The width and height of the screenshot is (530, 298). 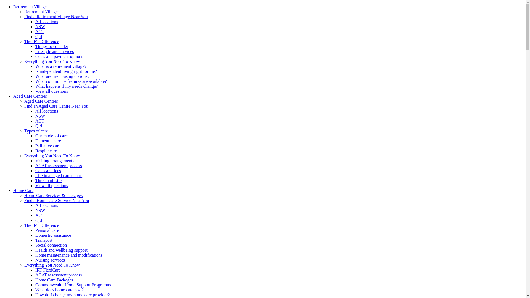 I want to click on 'The IRT Difference', so click(x=41, y=41).